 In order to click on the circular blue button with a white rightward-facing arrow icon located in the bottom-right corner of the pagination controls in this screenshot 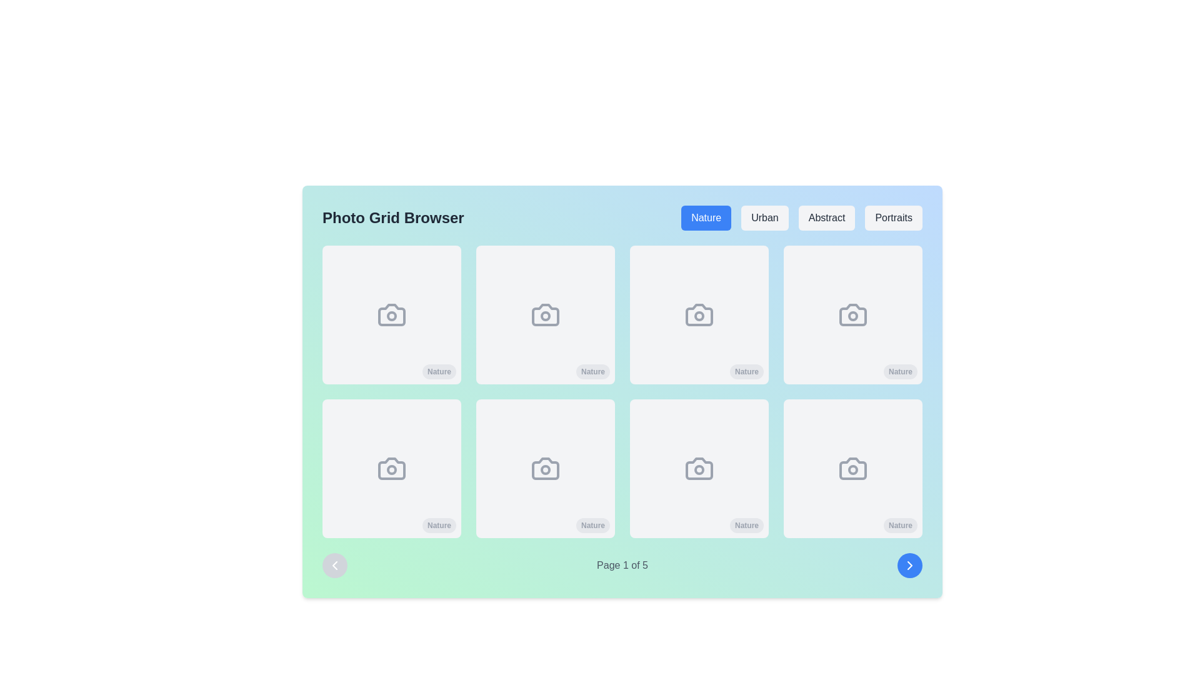, I will do `click(909, 566)`.